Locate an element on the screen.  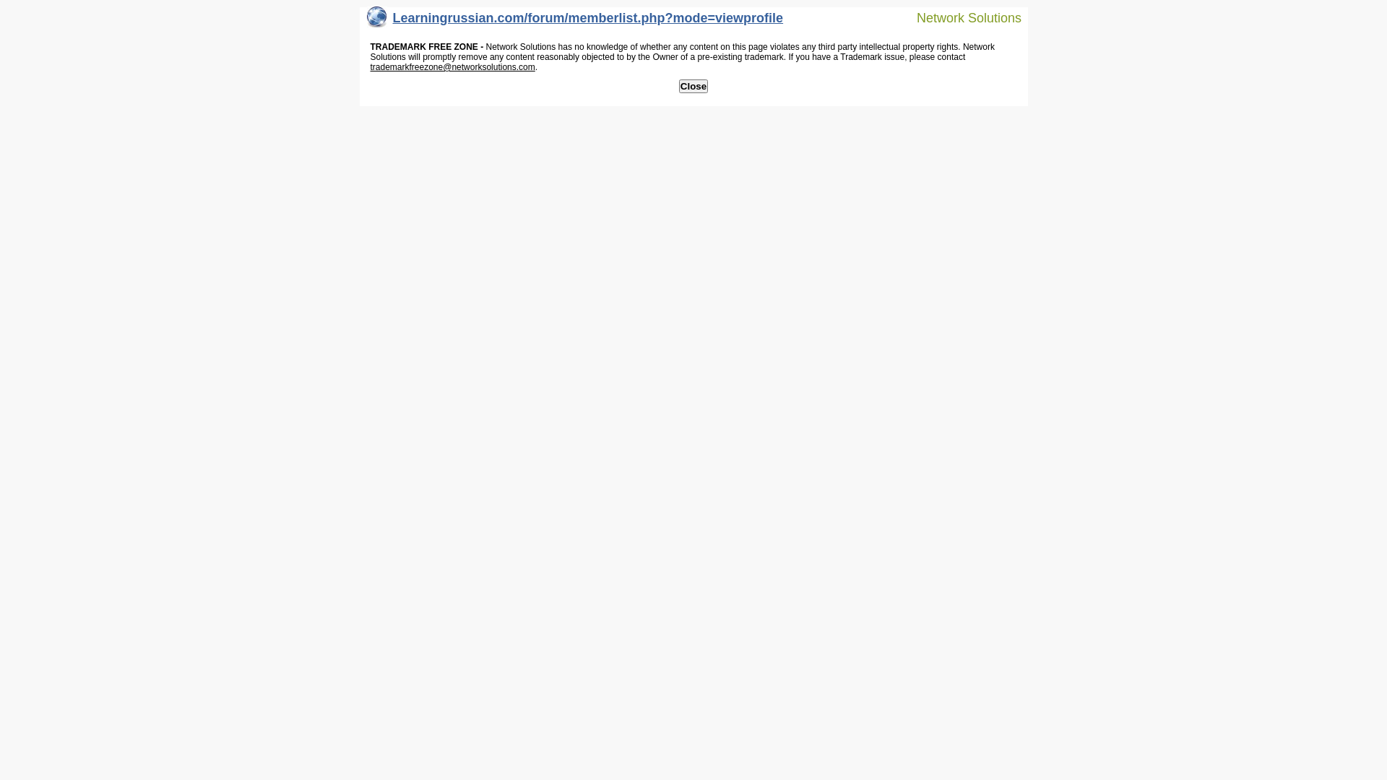
'trademarkfreezone@networksolutions.com' is located at coordinates (451, 66).